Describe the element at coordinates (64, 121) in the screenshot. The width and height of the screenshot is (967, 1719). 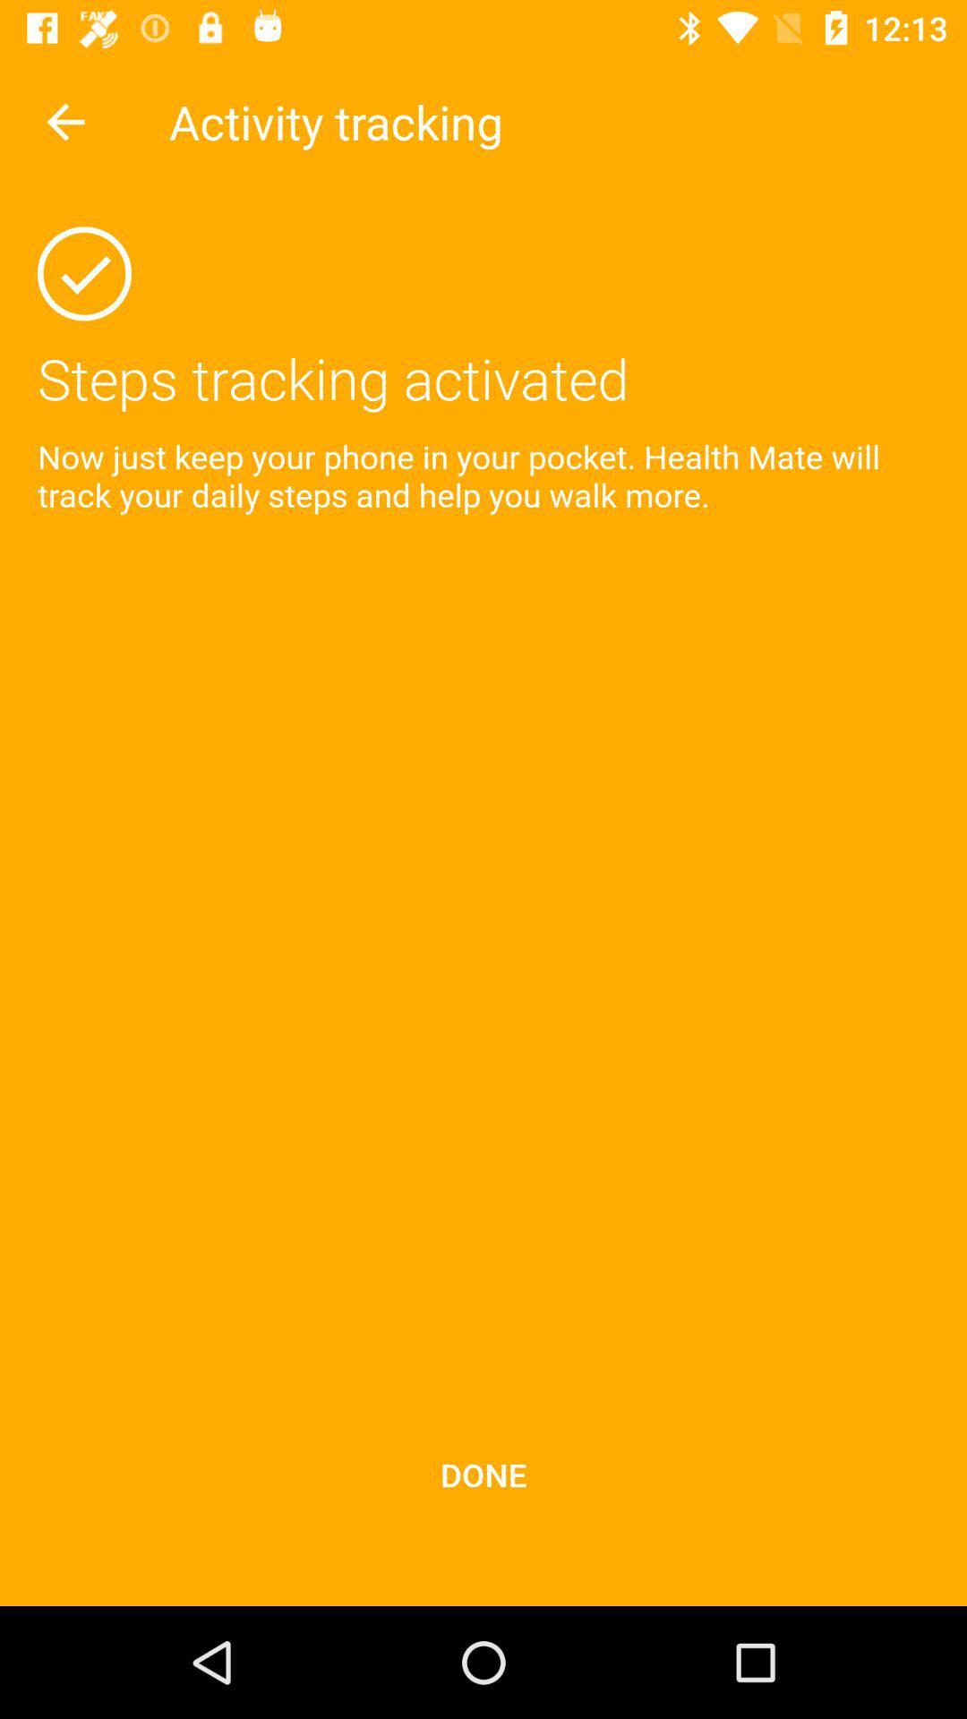
I see `go back` at that location.